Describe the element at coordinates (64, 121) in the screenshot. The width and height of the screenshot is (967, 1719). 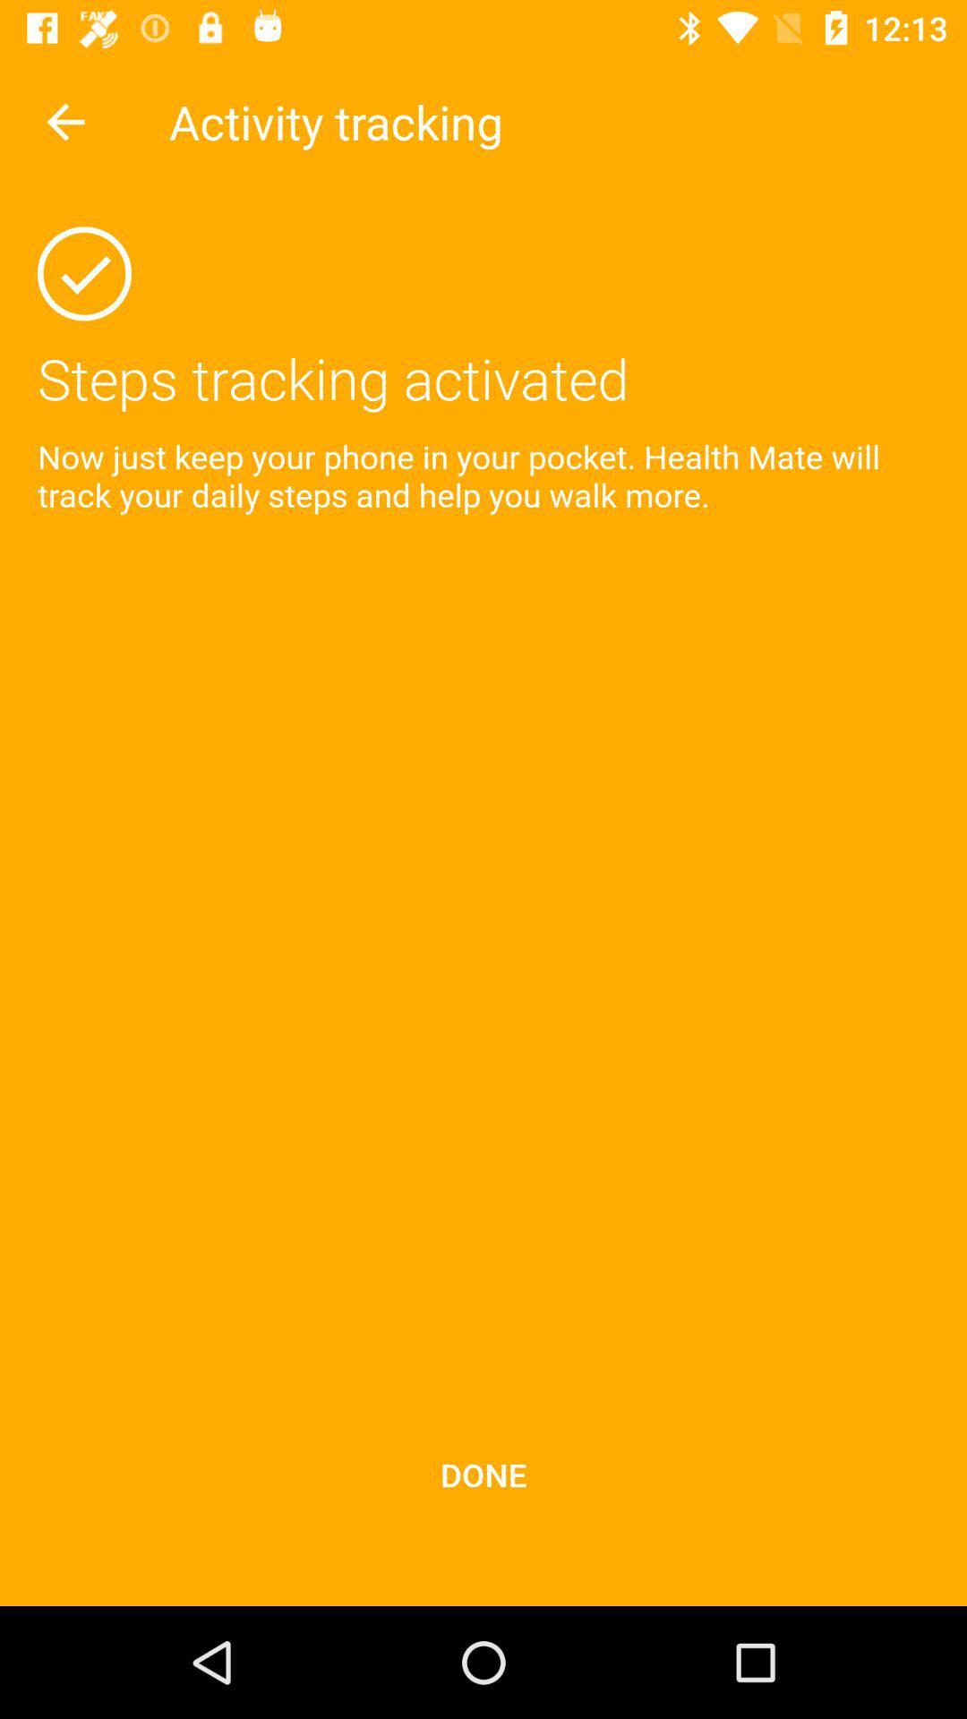
I see `go back` at that location.